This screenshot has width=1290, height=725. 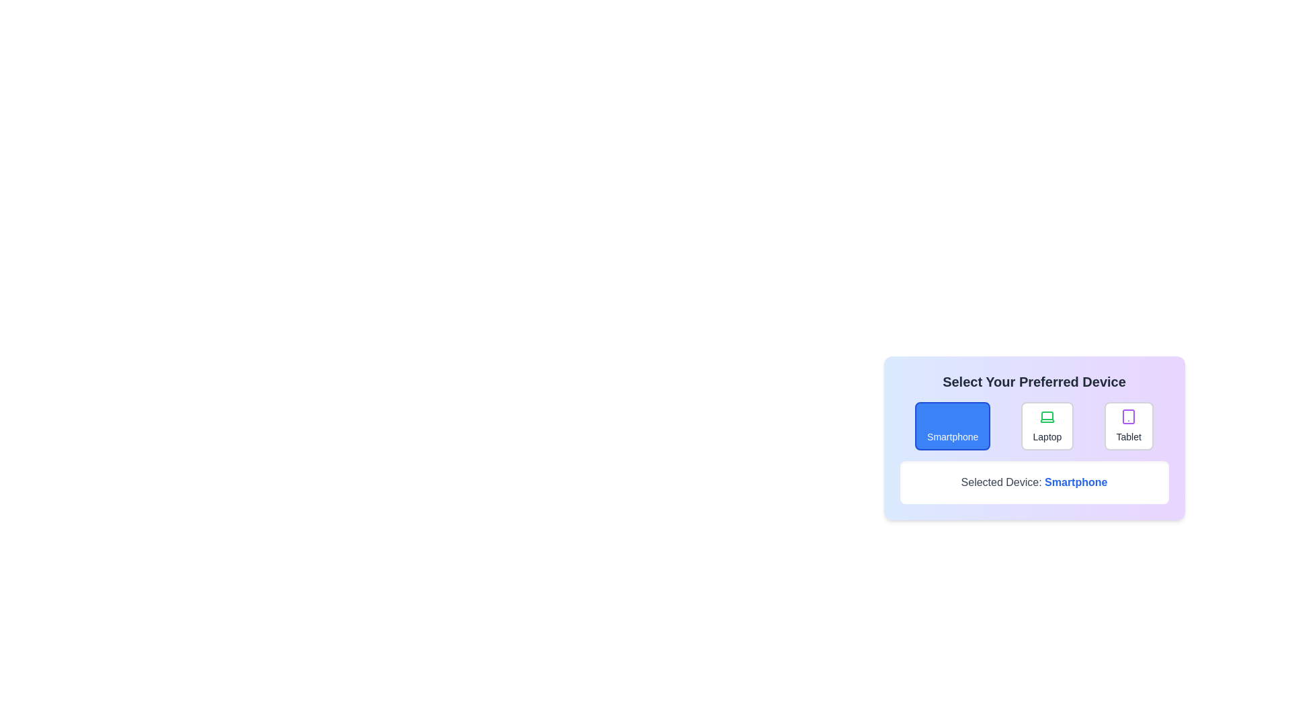 I want to click on the 'Tablet' text label, which serves as the descriptive label for the Tablet selection option, located at the rightmost position of the selection options row, so click(x=1129, y=437).